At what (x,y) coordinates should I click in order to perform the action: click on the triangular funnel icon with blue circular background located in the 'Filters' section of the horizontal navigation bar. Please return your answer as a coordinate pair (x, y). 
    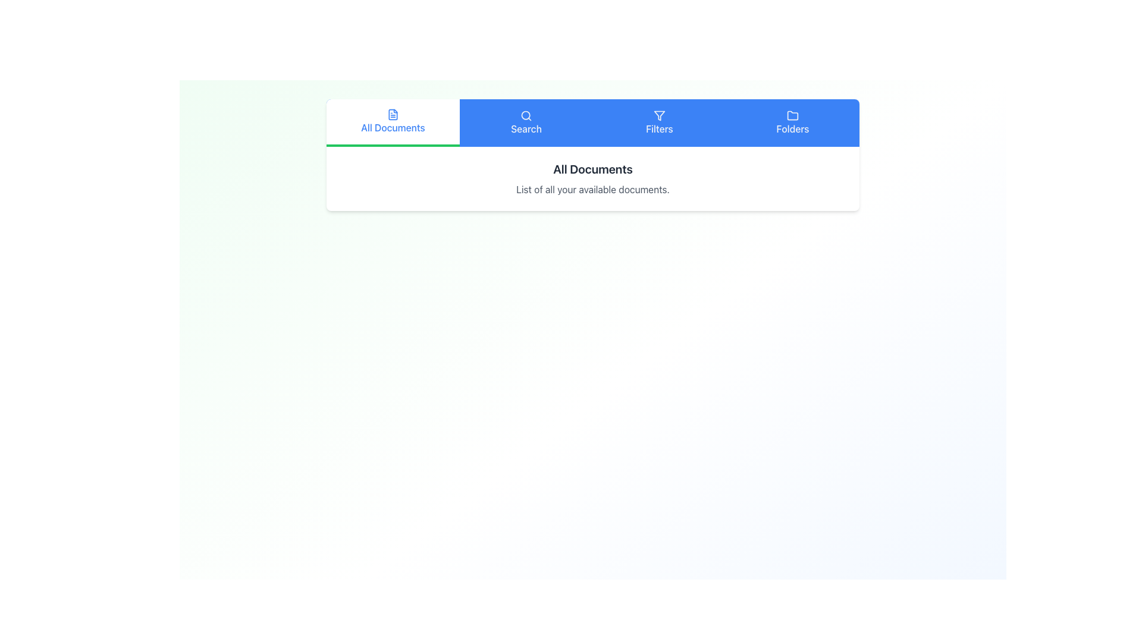
    Looking at the image, I should click on (658, 116).